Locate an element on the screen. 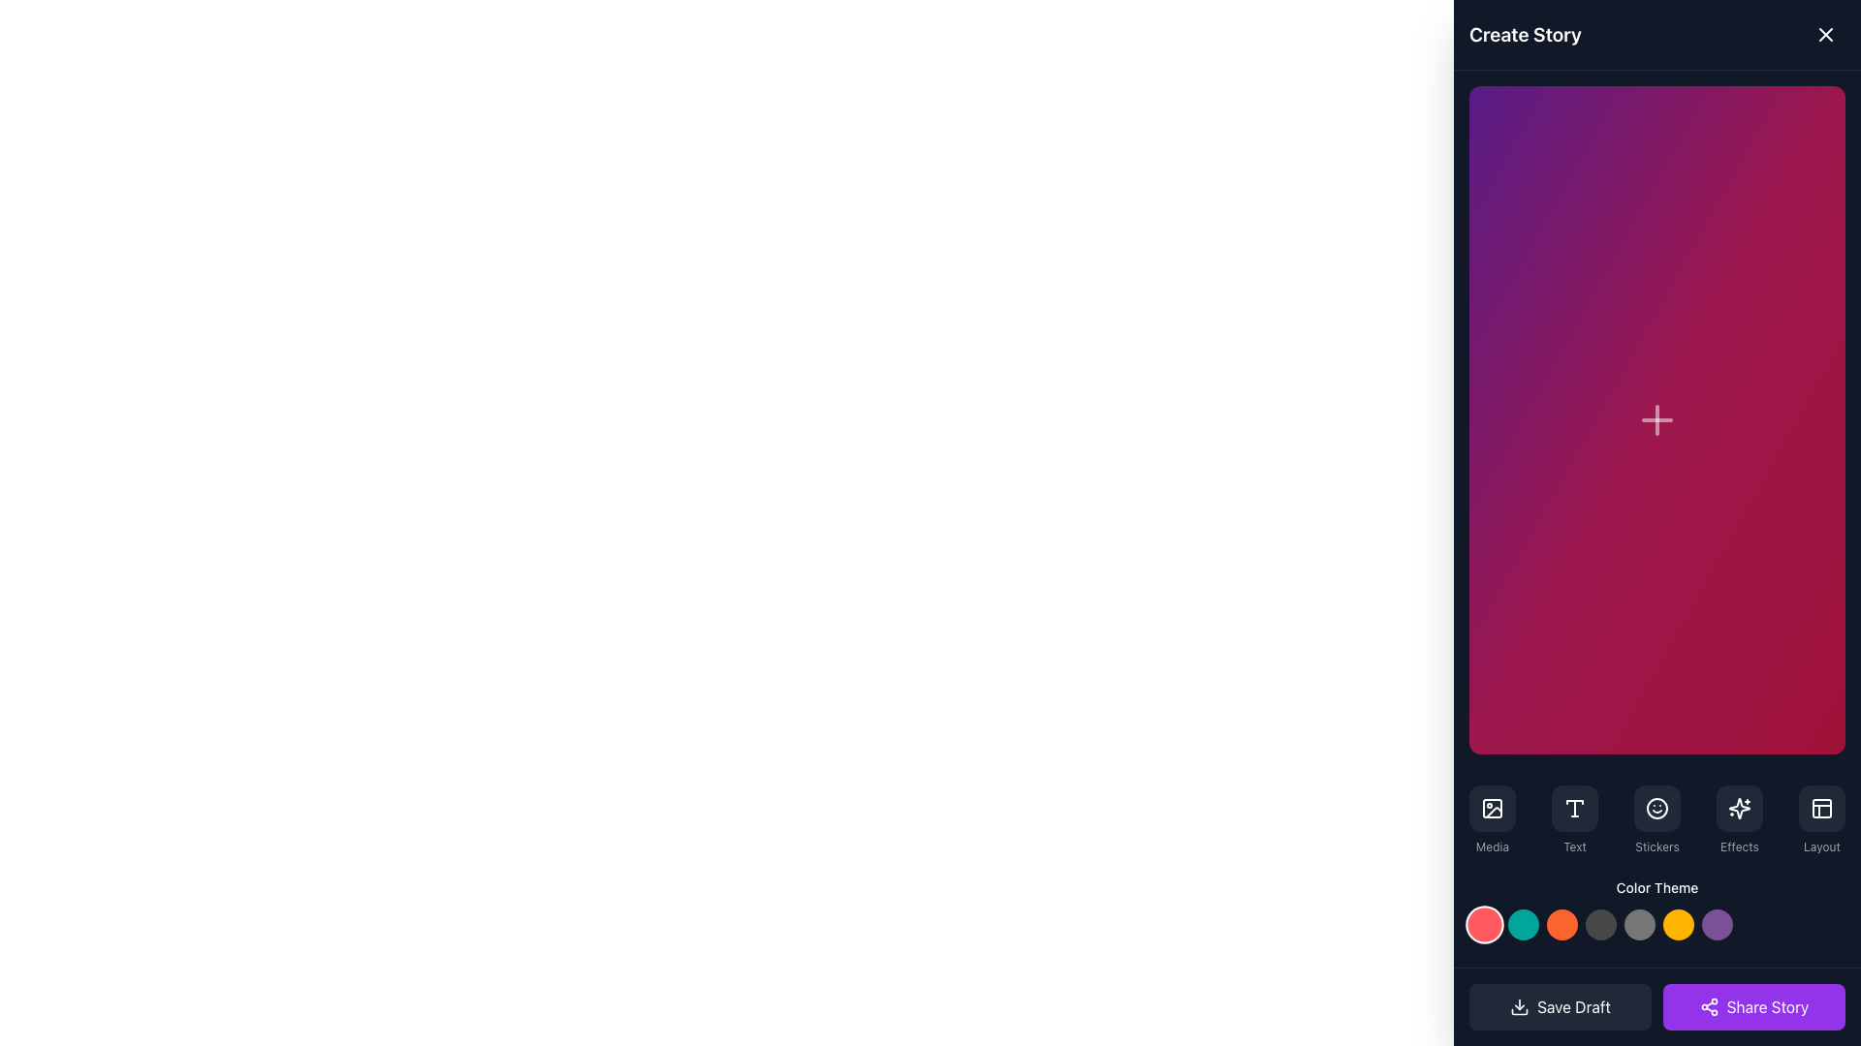 Image resolution: width=1861 pixels, height=1046 pixels. the Plus icon, which is characterized by two intersecting lines forming a cross, with a light appearance against a dark gradient background is located at coordinates (1656, 417).